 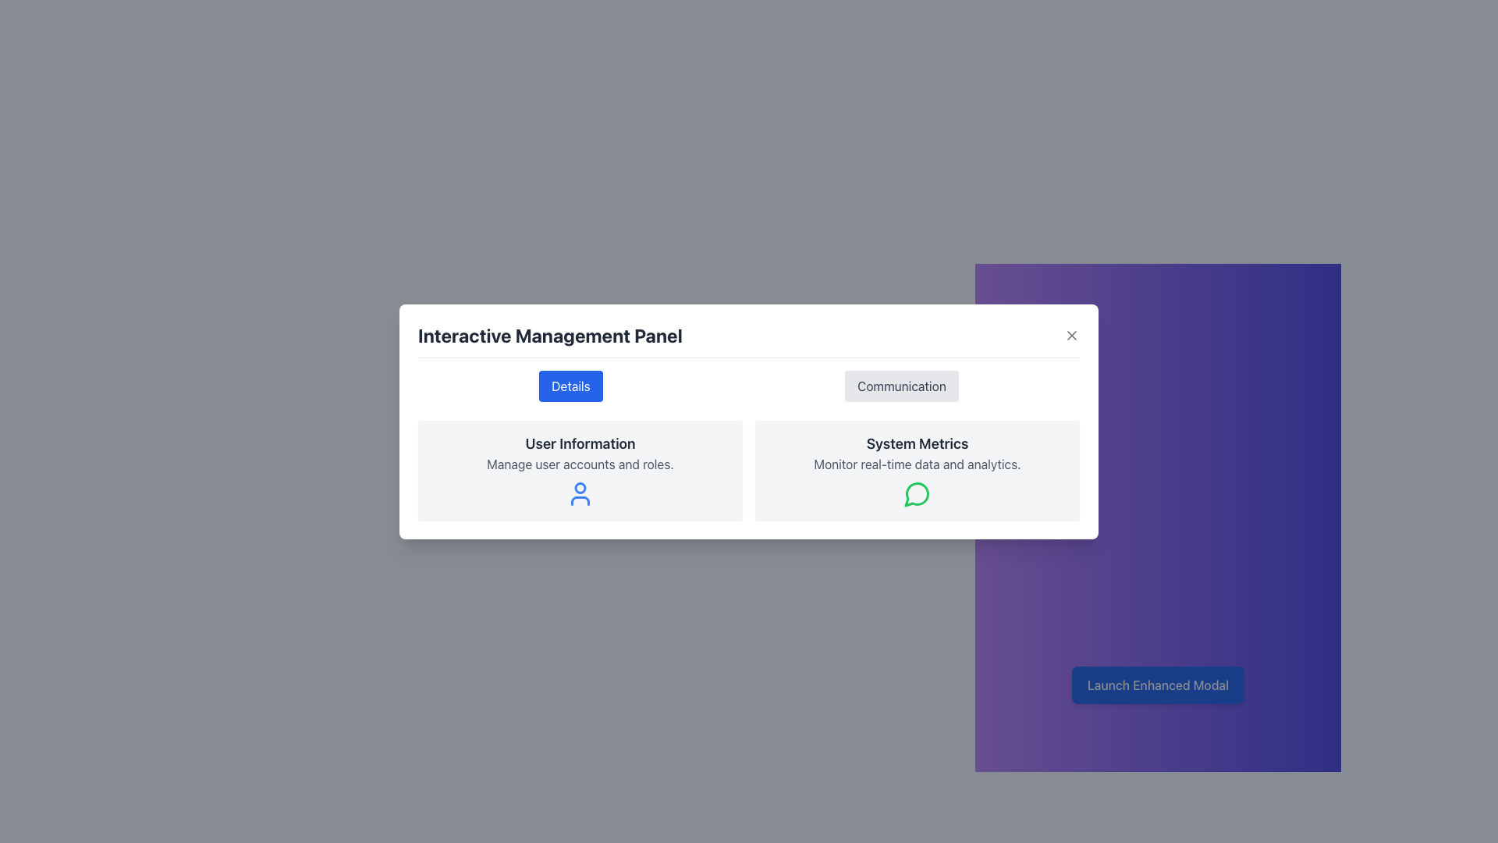 I want to click on the 'X' icon at the top-right corner of the Interactive Management Panel header, so click(x=1070, y=334).